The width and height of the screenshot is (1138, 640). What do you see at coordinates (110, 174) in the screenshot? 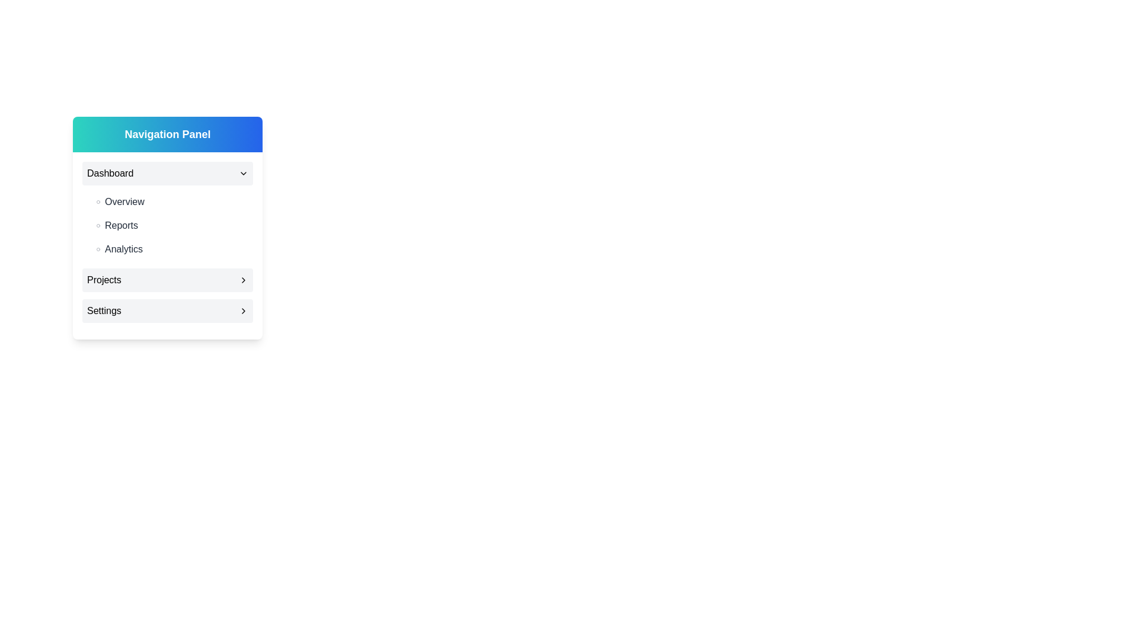
I see `the 'Dashboard' text label, which is dark gray on a light gray background and is the first item in the navigation menu` at bounding box center [110, 174].